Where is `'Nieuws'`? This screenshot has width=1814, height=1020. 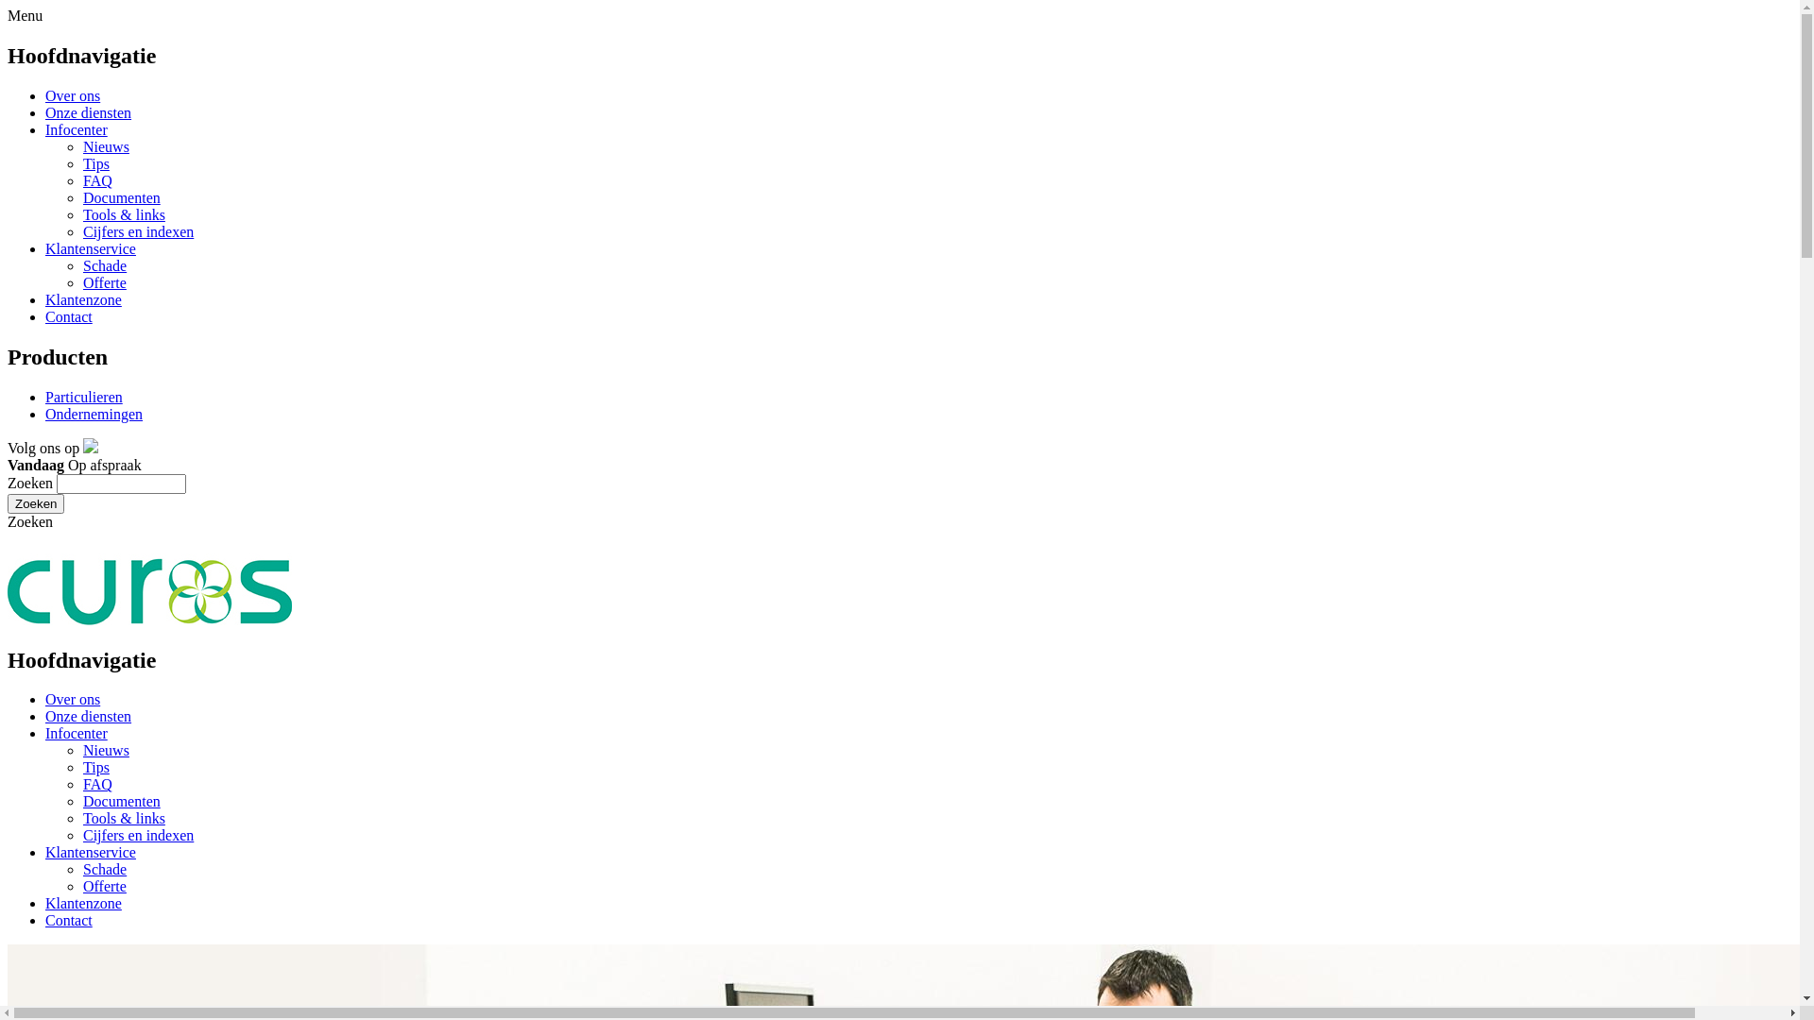 'Nieuws' is located at coordinates (105, 749).